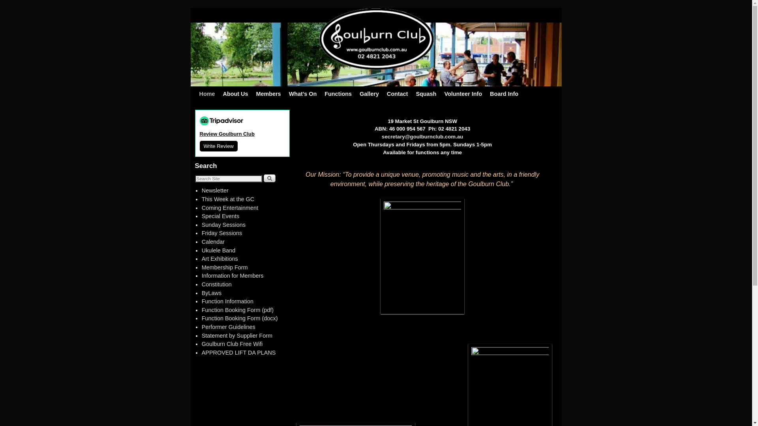 This screenshot has height=426, width=758. Describe the element at coordinates (224, 267) in the screenshot. I see `'Membership Form'` at that location.